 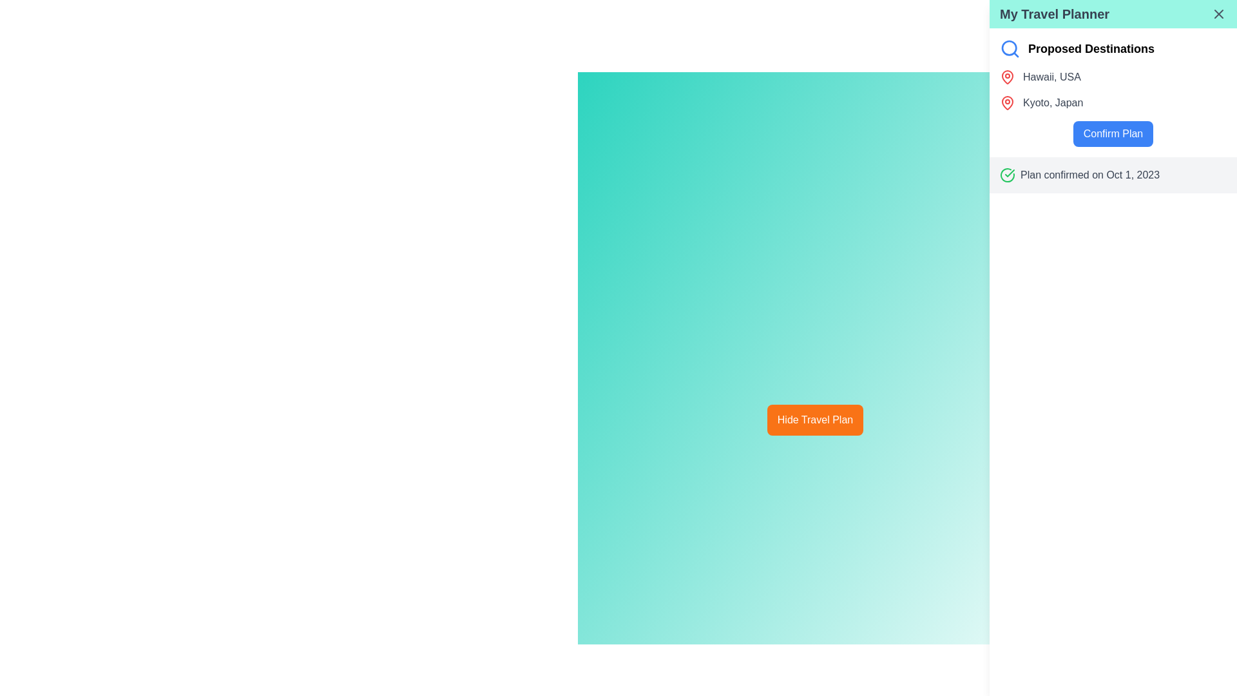 What do you see at coordinates (1007, 77) in the screenshot?
I see `the red map pin icon located in the right sidebar next to 'Hawaii, USA' in the 'Proposed Destinations' list for visual reference` at bounding box center [1007, 77].